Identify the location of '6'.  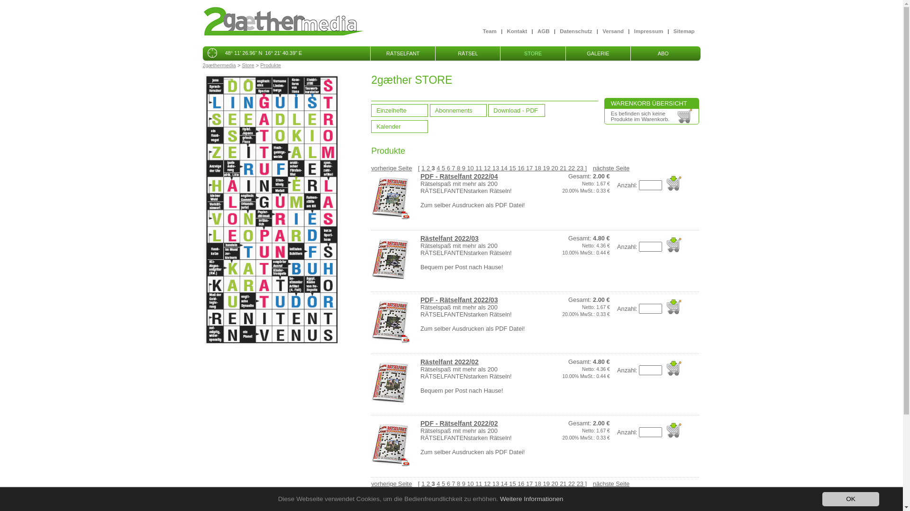
(449, 167).